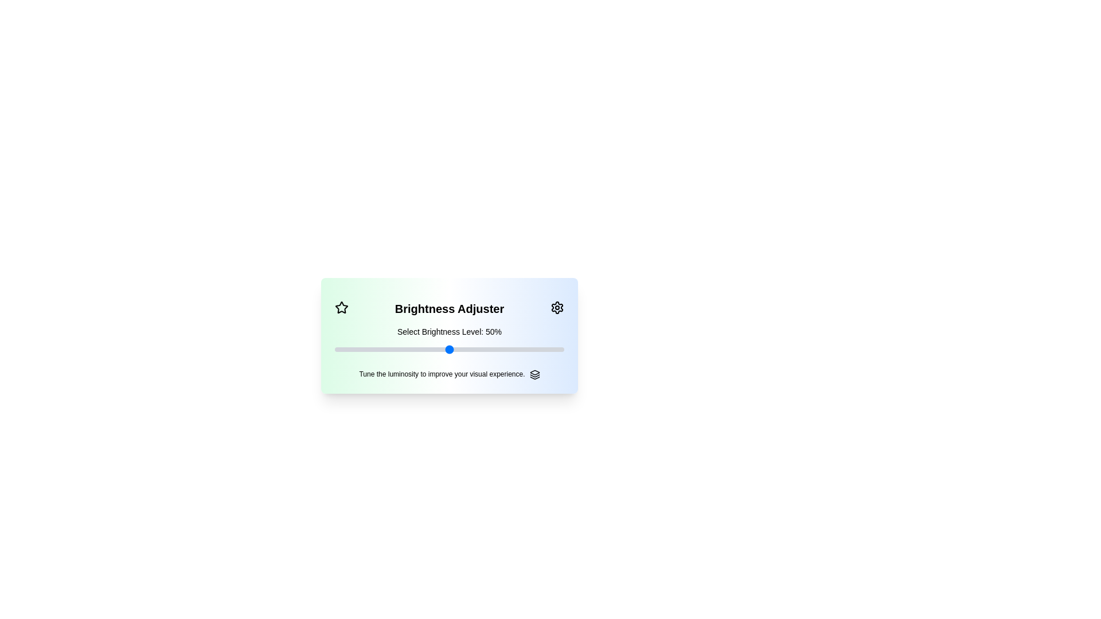  Describe the element at coordinates (334, 348) in the screenshot. I see `the slider to set brightness to 39%` at that location.